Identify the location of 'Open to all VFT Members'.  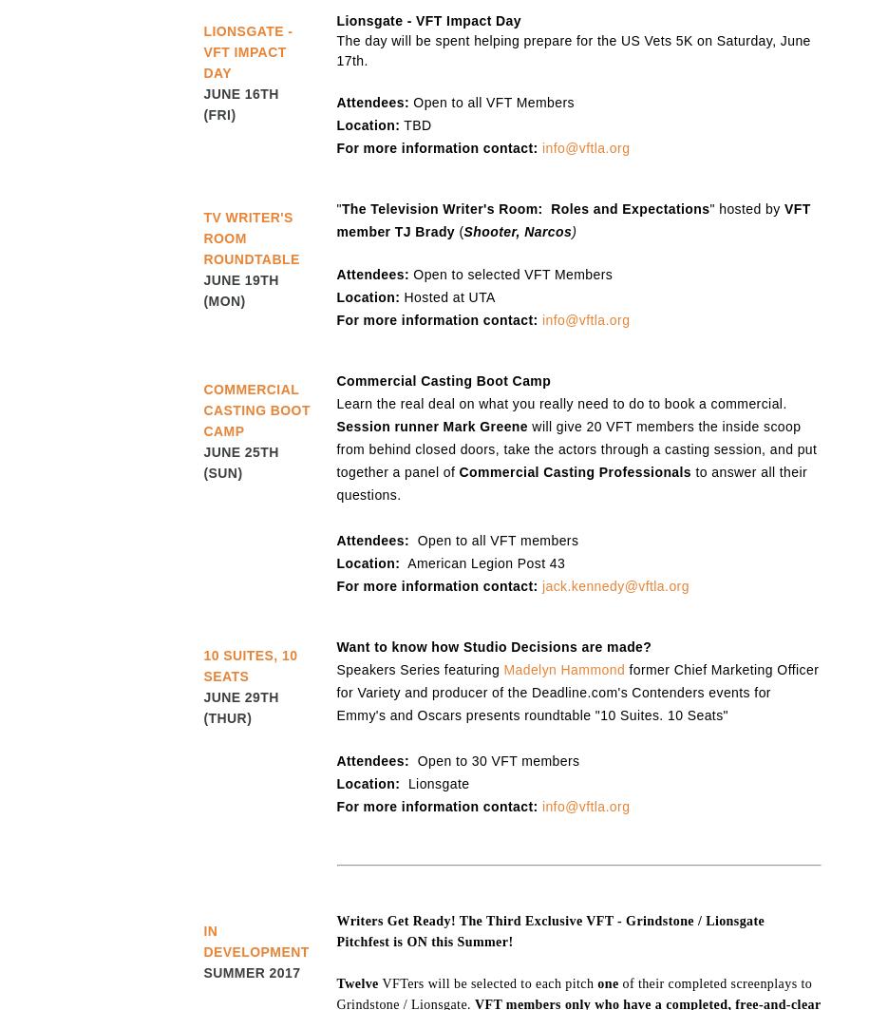
(490, 103).